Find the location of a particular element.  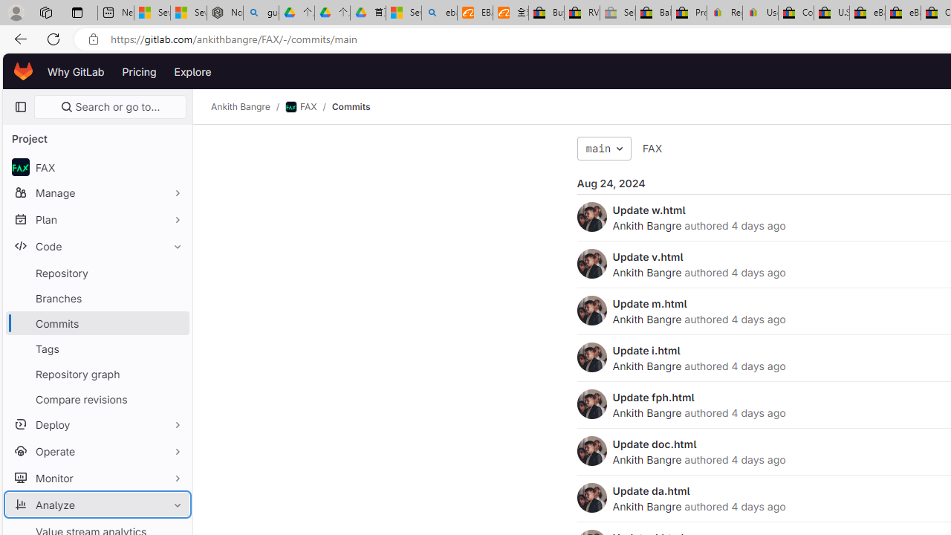

'Compare revisions' is located at coordinates (97, 398).